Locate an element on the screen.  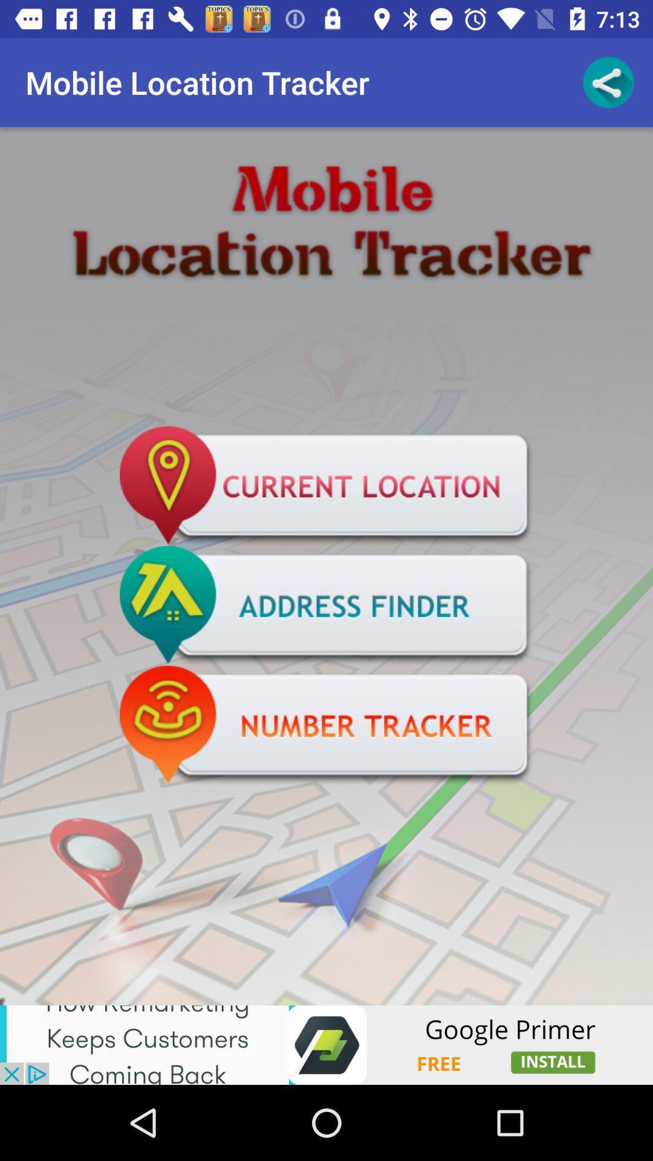
navigate to advertisement site is located at coordinates (326, 1044).